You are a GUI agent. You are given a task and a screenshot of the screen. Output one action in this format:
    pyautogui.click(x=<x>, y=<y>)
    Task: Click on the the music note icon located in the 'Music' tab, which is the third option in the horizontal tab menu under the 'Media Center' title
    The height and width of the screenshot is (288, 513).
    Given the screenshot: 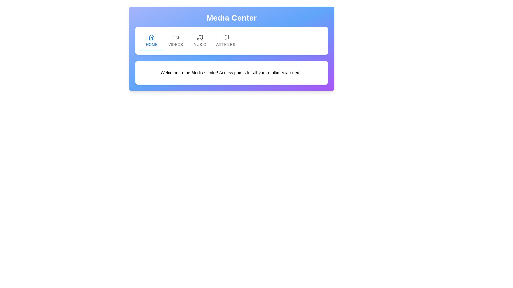 What is the action you would take?
    pyautogui.click(x=200, y=37)
    